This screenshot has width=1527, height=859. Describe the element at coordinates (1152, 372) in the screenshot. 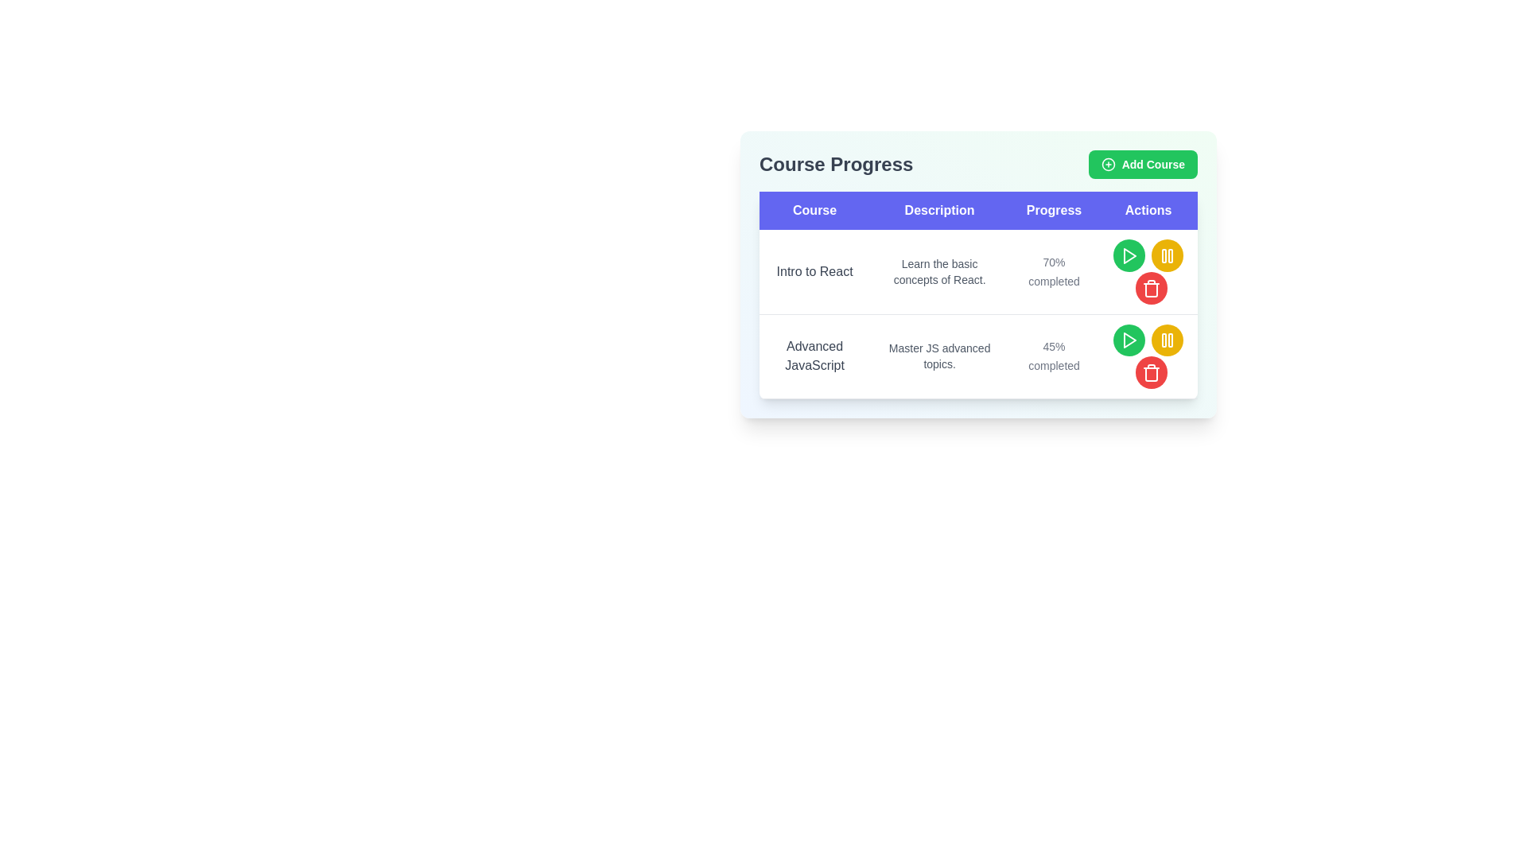

I see `the red delete button in the 'Actions' cell of the second row of the course progress table` at that location.